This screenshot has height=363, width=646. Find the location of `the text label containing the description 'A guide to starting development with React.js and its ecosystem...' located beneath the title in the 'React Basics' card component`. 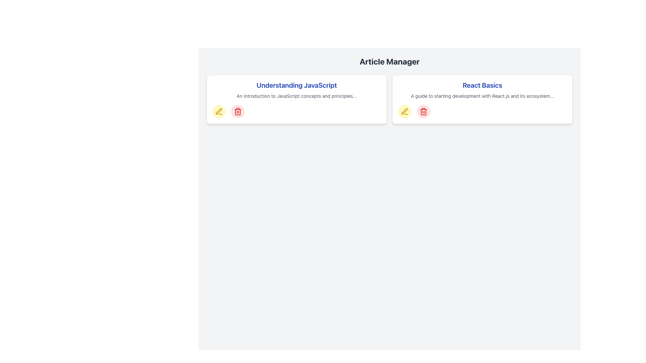

the text label containing the description 'A guide to starting development with React.js and its ecosystem...' located beneath the title in the 'React Basics' card component is located at coordinates (482, 96).